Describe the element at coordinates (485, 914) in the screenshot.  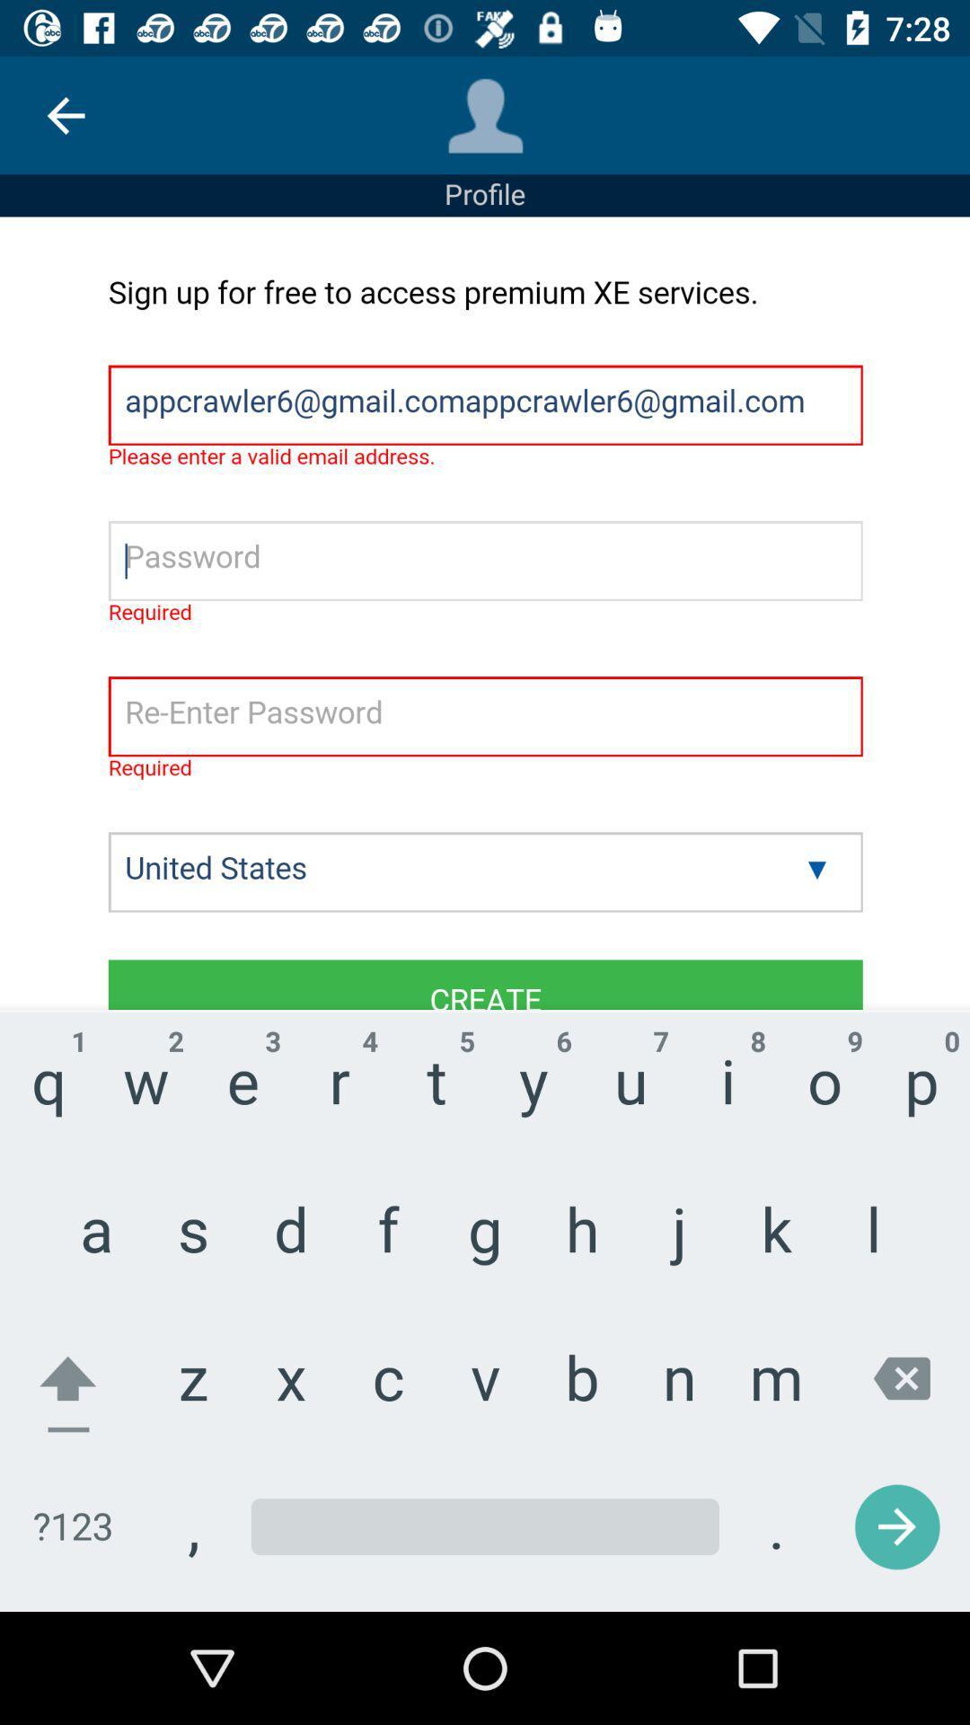
I see `page content` at that location.